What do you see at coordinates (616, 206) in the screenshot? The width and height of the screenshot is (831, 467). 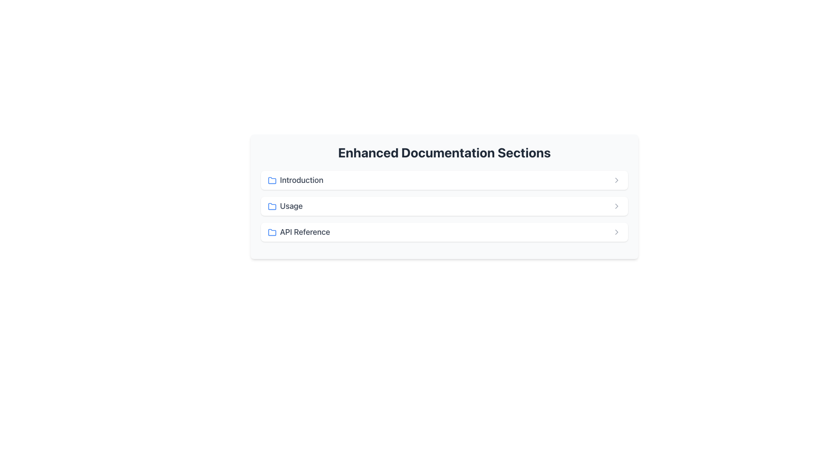 I see `the right-pointing chevron icon colored gray located at the far-right end of the 'Usage' section` at bounding box center [616, 206].